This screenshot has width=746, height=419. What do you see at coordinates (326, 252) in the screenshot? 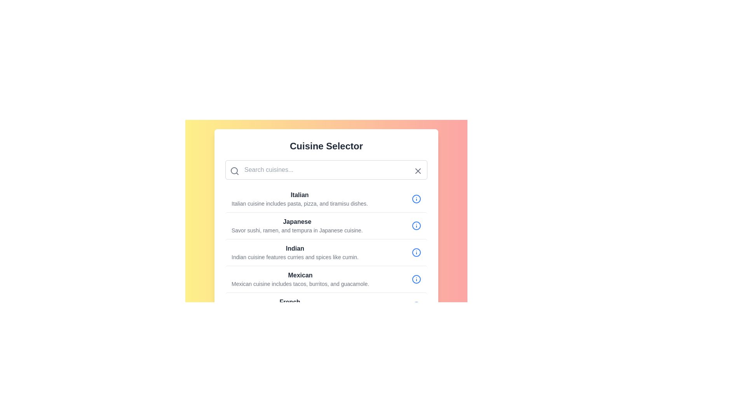
I see `to select the list item representing Indian cuisine, which is the third entry in the vertical list of cuisine options` at bounding box center [326, 252].